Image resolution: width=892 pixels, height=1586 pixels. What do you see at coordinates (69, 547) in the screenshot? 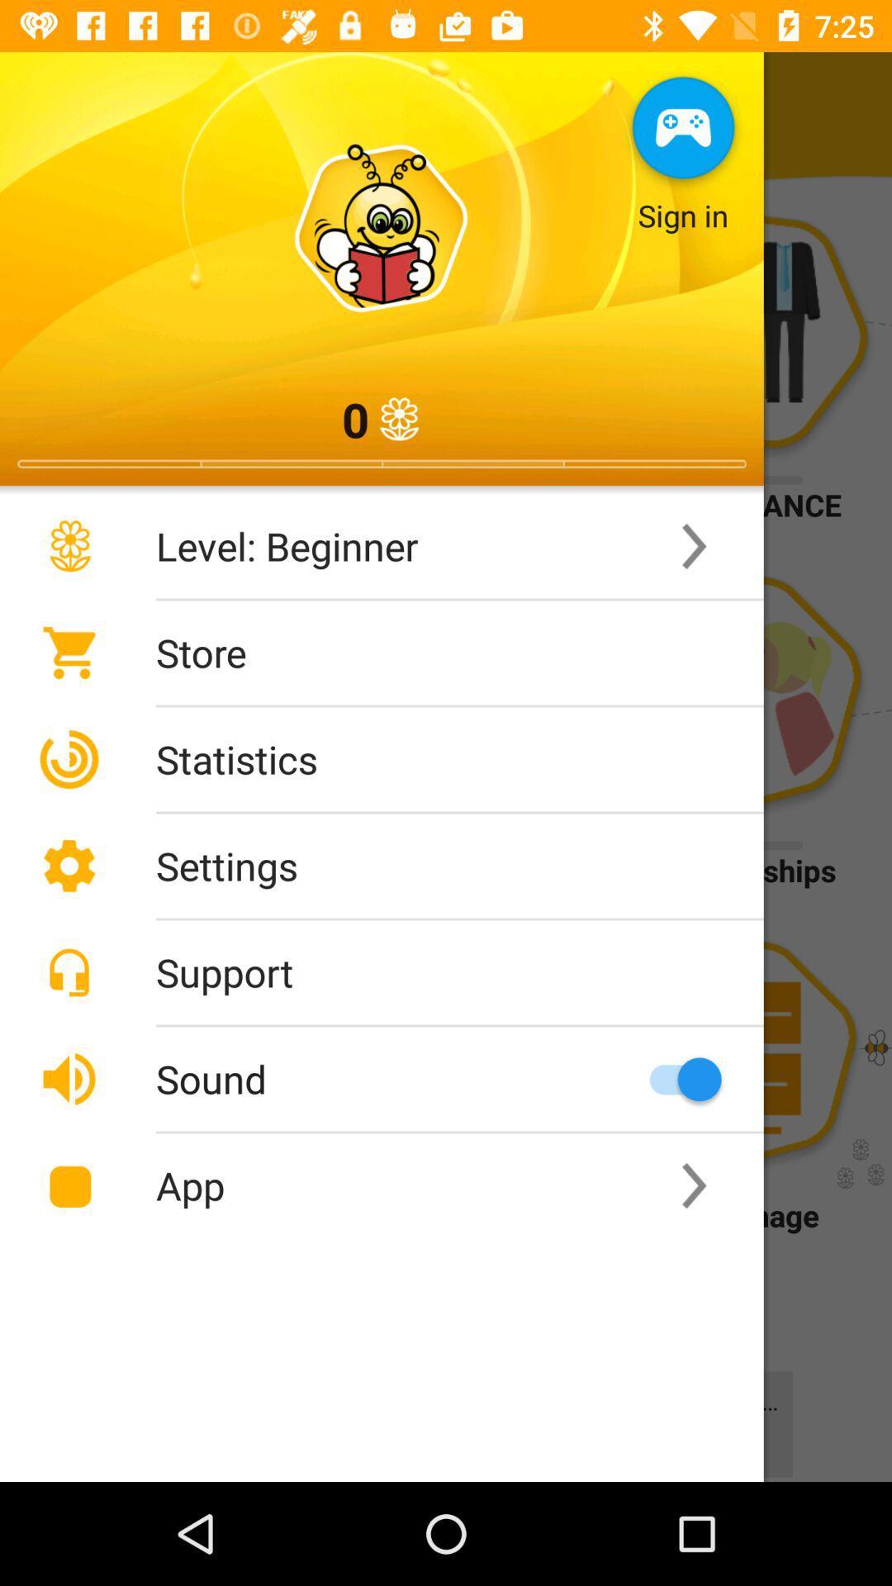
I see `the flower image to the left of the text level beginner` at bounding box center [69, 547].